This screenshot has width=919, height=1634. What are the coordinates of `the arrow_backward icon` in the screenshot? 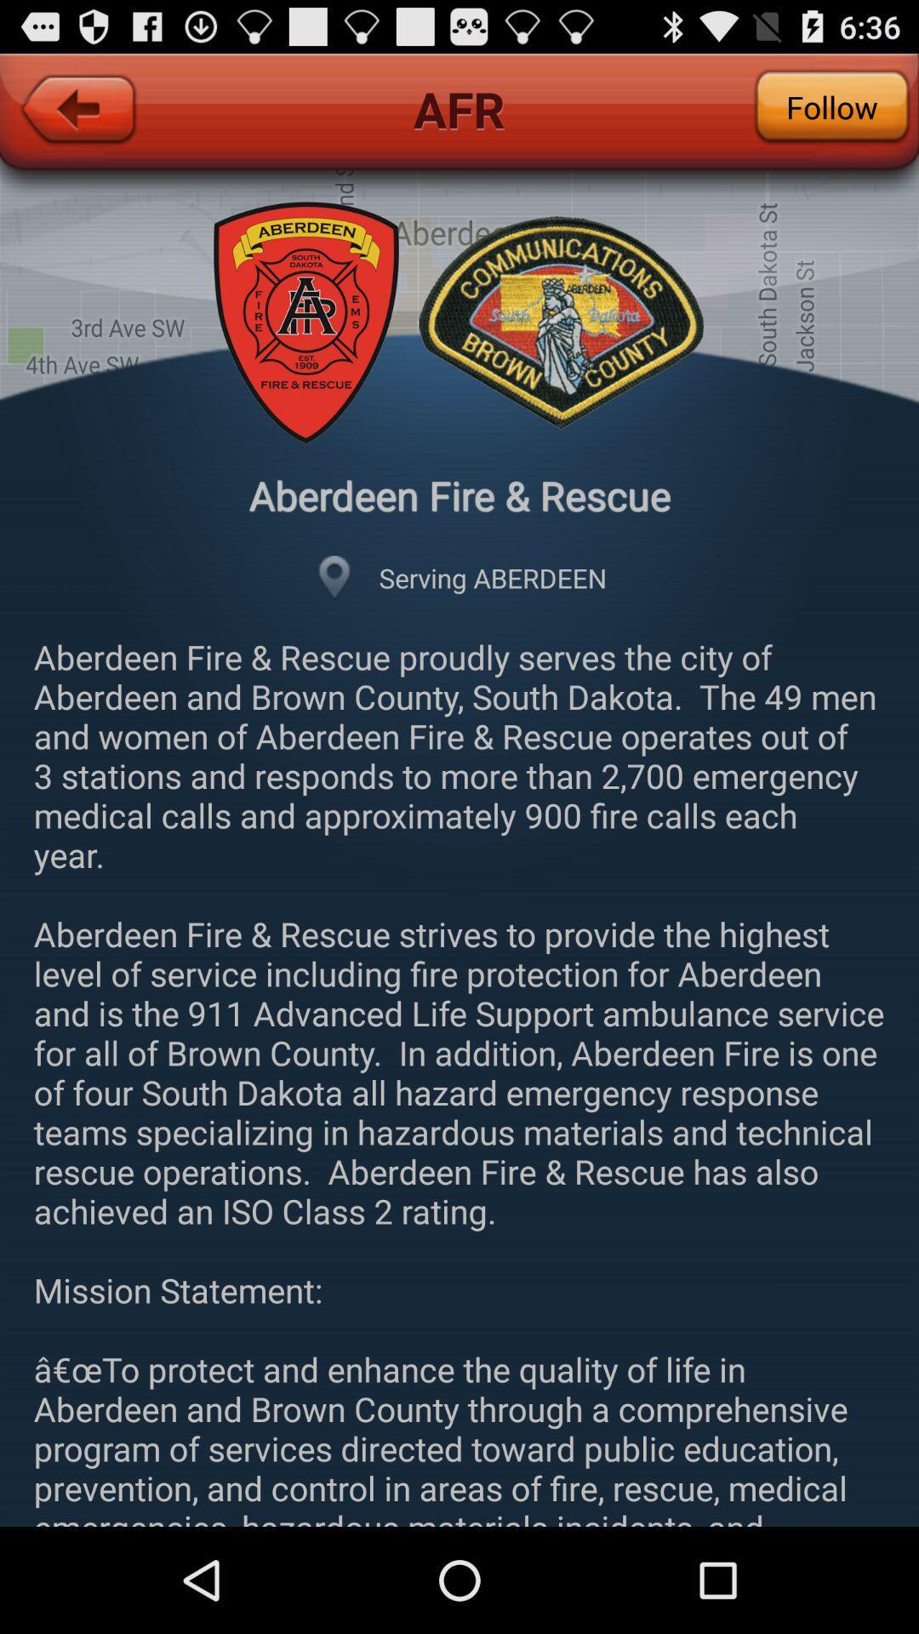 It's located at (77, 129).